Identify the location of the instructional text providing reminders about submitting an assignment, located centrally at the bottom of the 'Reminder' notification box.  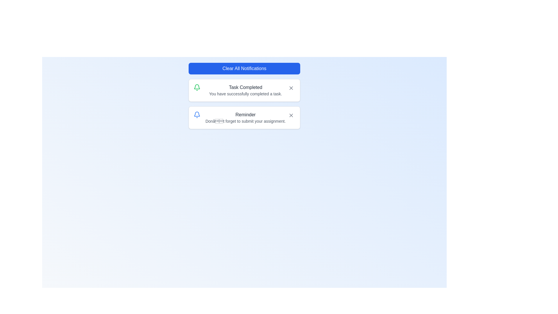
(245, 121).